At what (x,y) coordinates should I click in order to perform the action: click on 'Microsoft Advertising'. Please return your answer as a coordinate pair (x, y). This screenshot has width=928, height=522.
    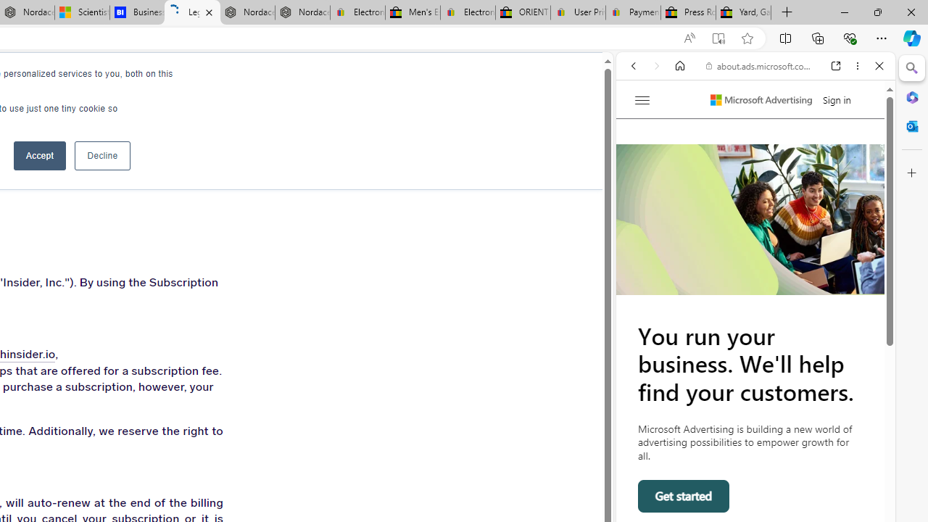
    Looking at the image, I should click on (761, 99).